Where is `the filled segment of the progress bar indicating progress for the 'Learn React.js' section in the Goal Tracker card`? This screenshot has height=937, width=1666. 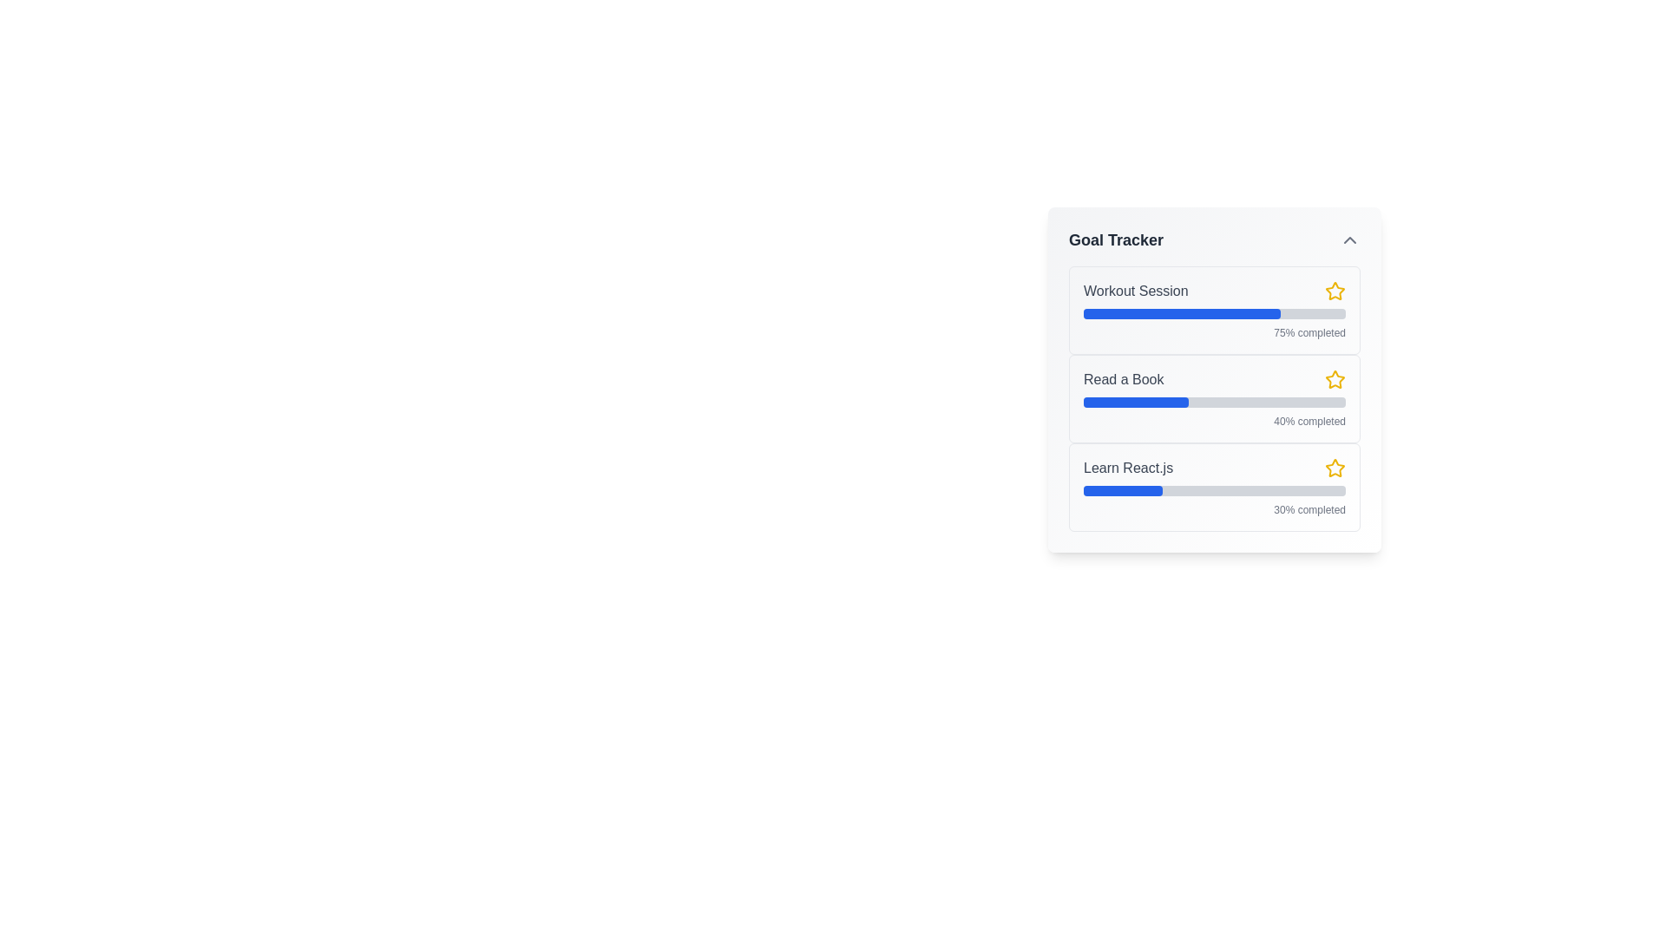
the filled segment of the progress bar indicating progress for the 'Learn React.js' section in the Goal Tracker card is located at coordinates (1123, 491).